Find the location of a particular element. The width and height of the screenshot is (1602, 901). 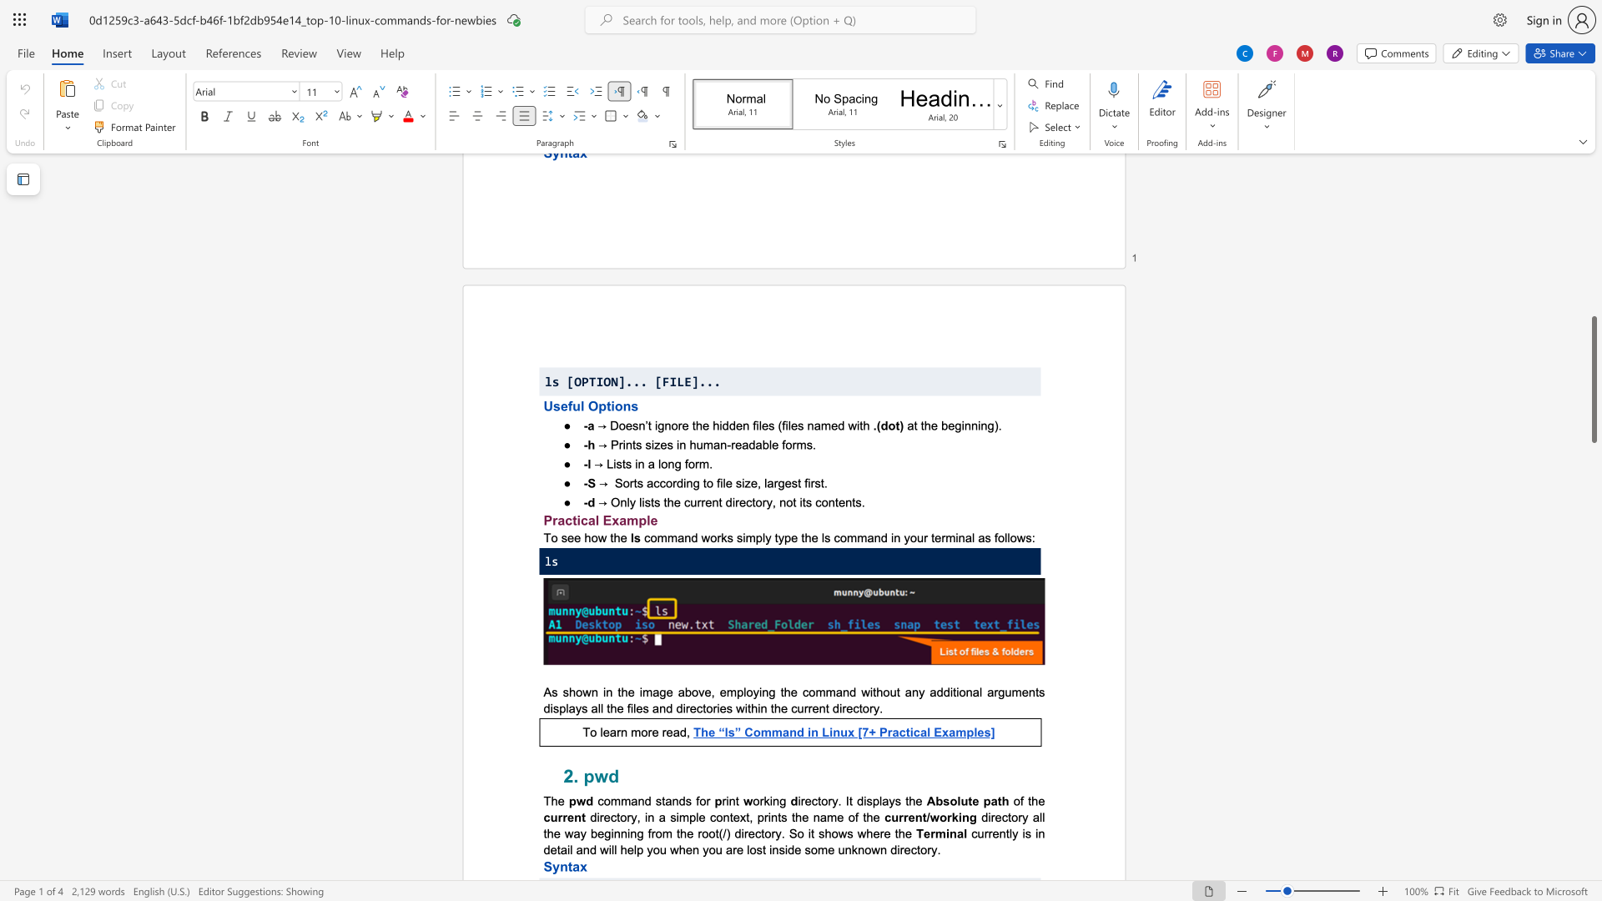

the scrollbar on the right is located at coordinates (1593, 365).